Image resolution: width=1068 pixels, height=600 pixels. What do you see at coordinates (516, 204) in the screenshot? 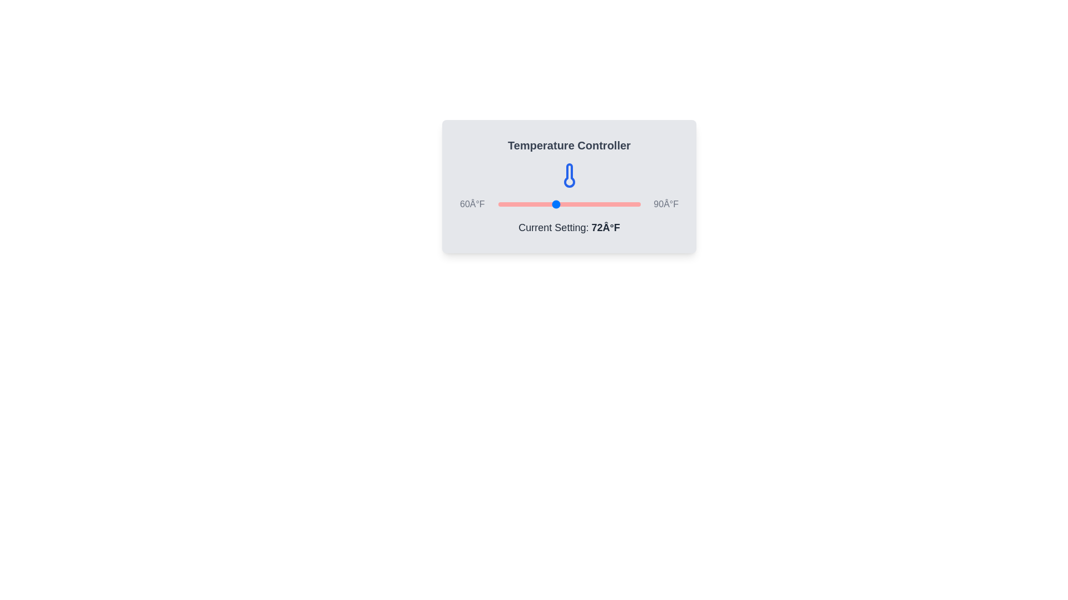
I see `the temperature slider to set the temperature to 64°F` at bounding box center [516, 204].